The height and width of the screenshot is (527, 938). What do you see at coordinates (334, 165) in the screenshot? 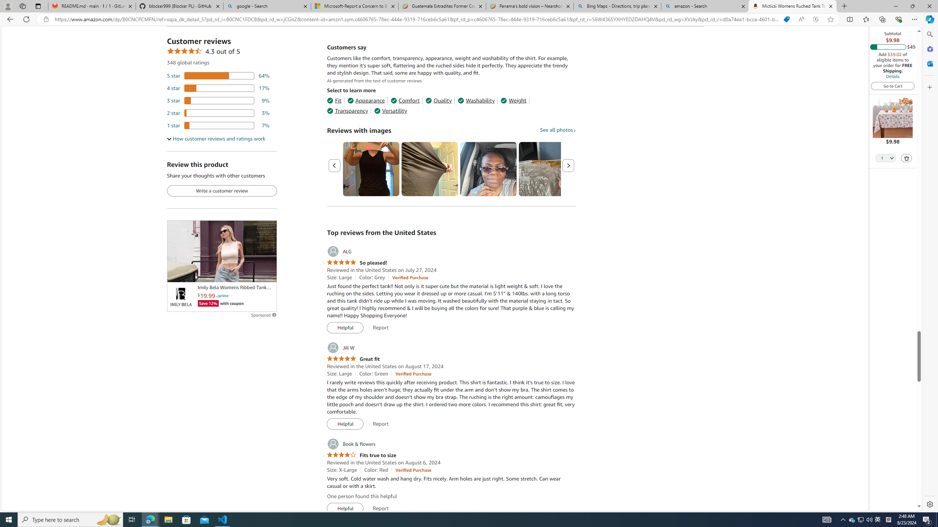
I see `'Previous page'` at bounding box center [334, 165].